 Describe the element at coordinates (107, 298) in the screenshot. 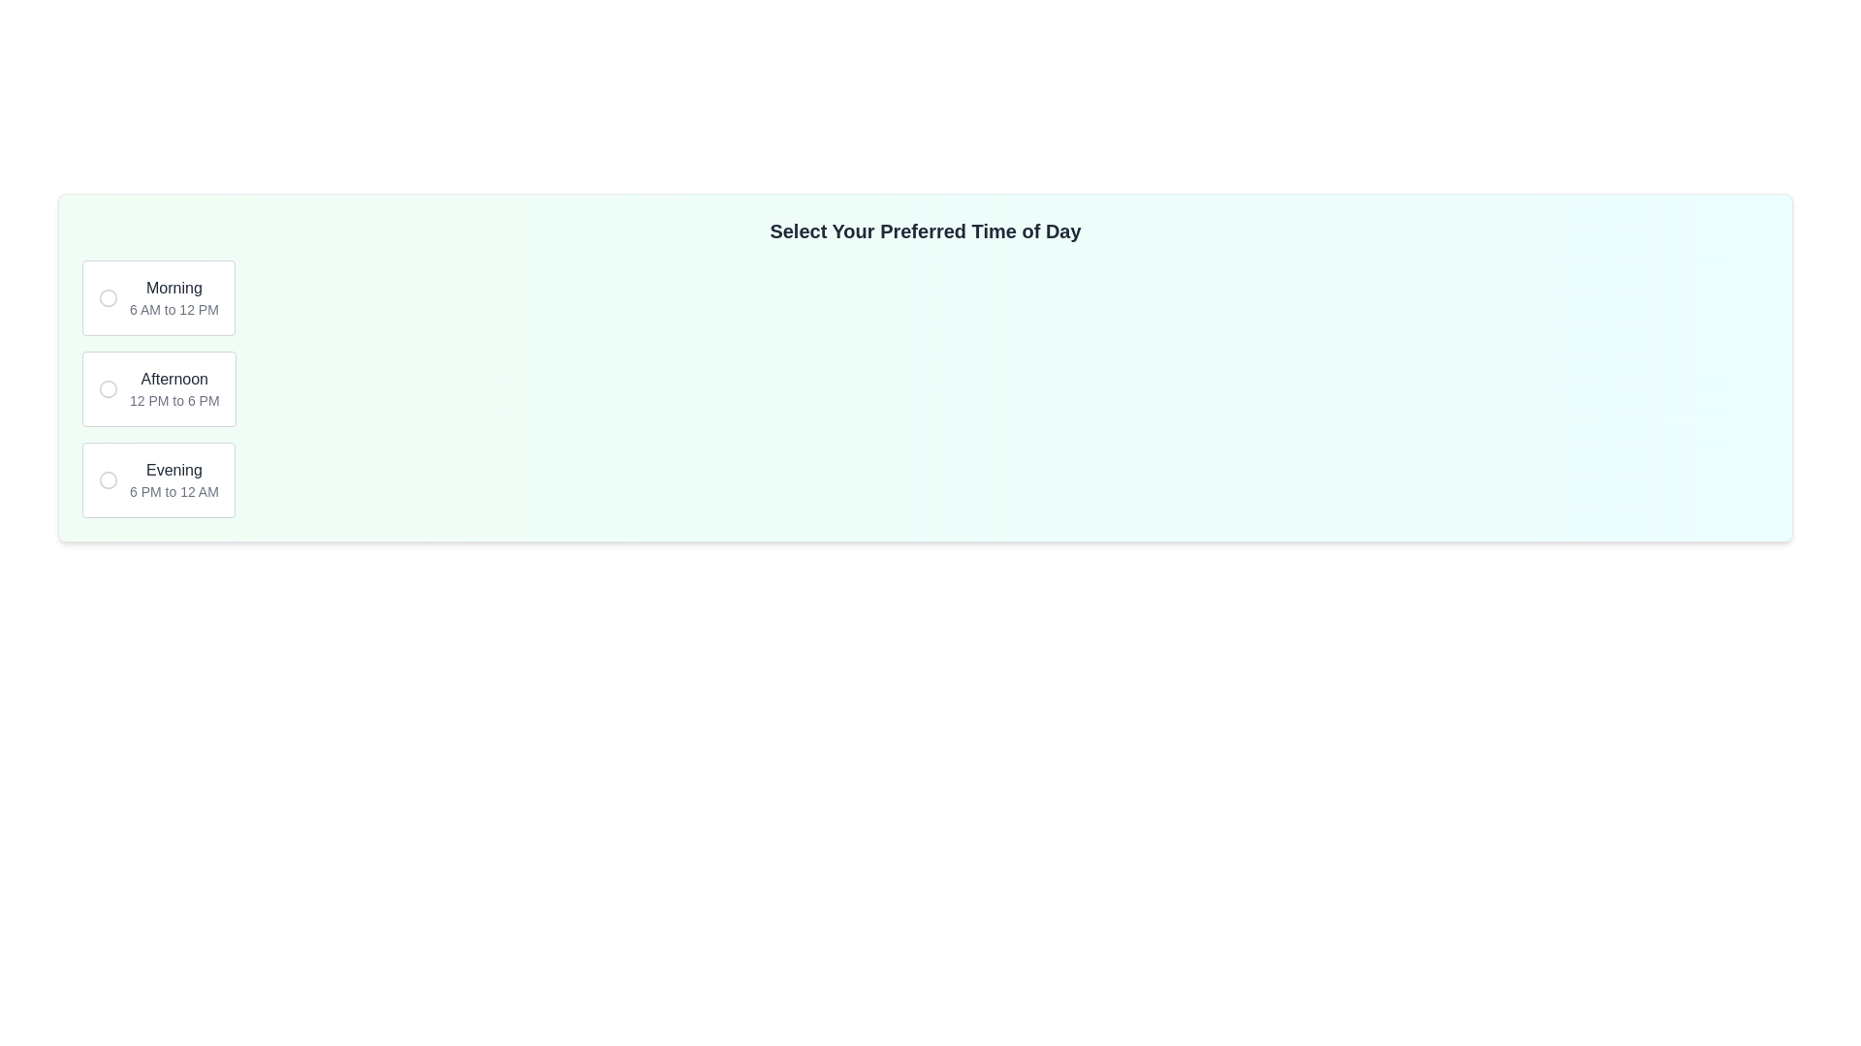

I see `the radio button styled with a light gray border and a hollow center, located to the left of the 'Morning 6 AM to 12 PM' text` at that location.